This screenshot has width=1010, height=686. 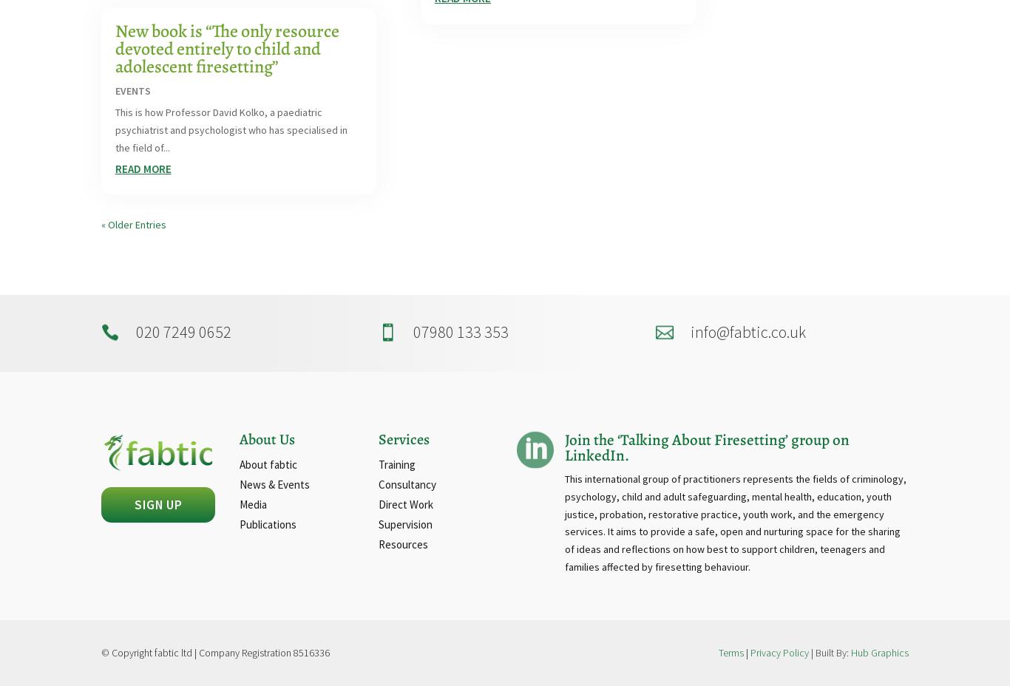 I want to click on '|', so click(x=747, y=652).